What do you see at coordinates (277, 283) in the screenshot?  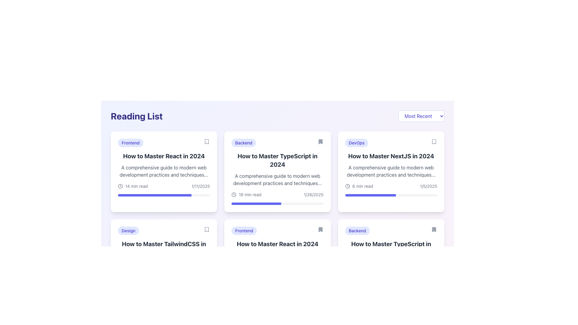 I see `the progress bar located at the bottom of the card for the article 'How to Master React in 2024', which is a thin horizontal strip with a light gray background and indigo filled portion` at bounding box center [277, 283].